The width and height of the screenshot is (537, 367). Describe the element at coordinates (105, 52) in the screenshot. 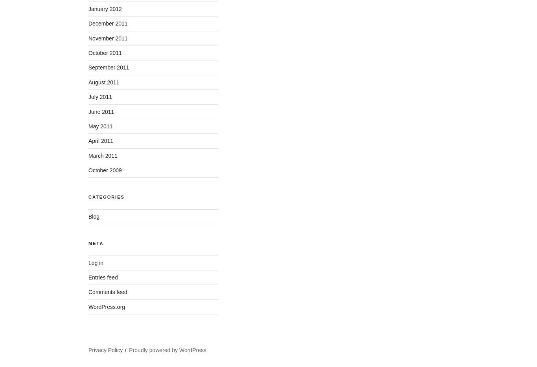

I see `'October 2011'` at that location.